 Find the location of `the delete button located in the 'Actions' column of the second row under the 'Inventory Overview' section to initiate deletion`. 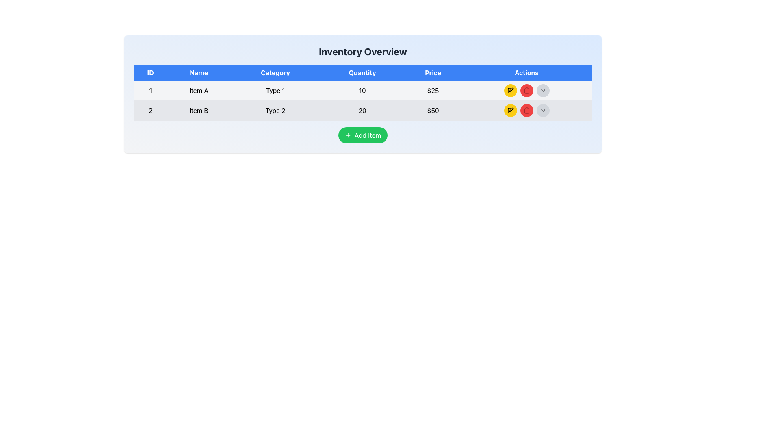

the delete button located in the 'Actions' column of the second row under the 'Inventory Overview' section to initiate deletion is located at coordinates (526, 111).